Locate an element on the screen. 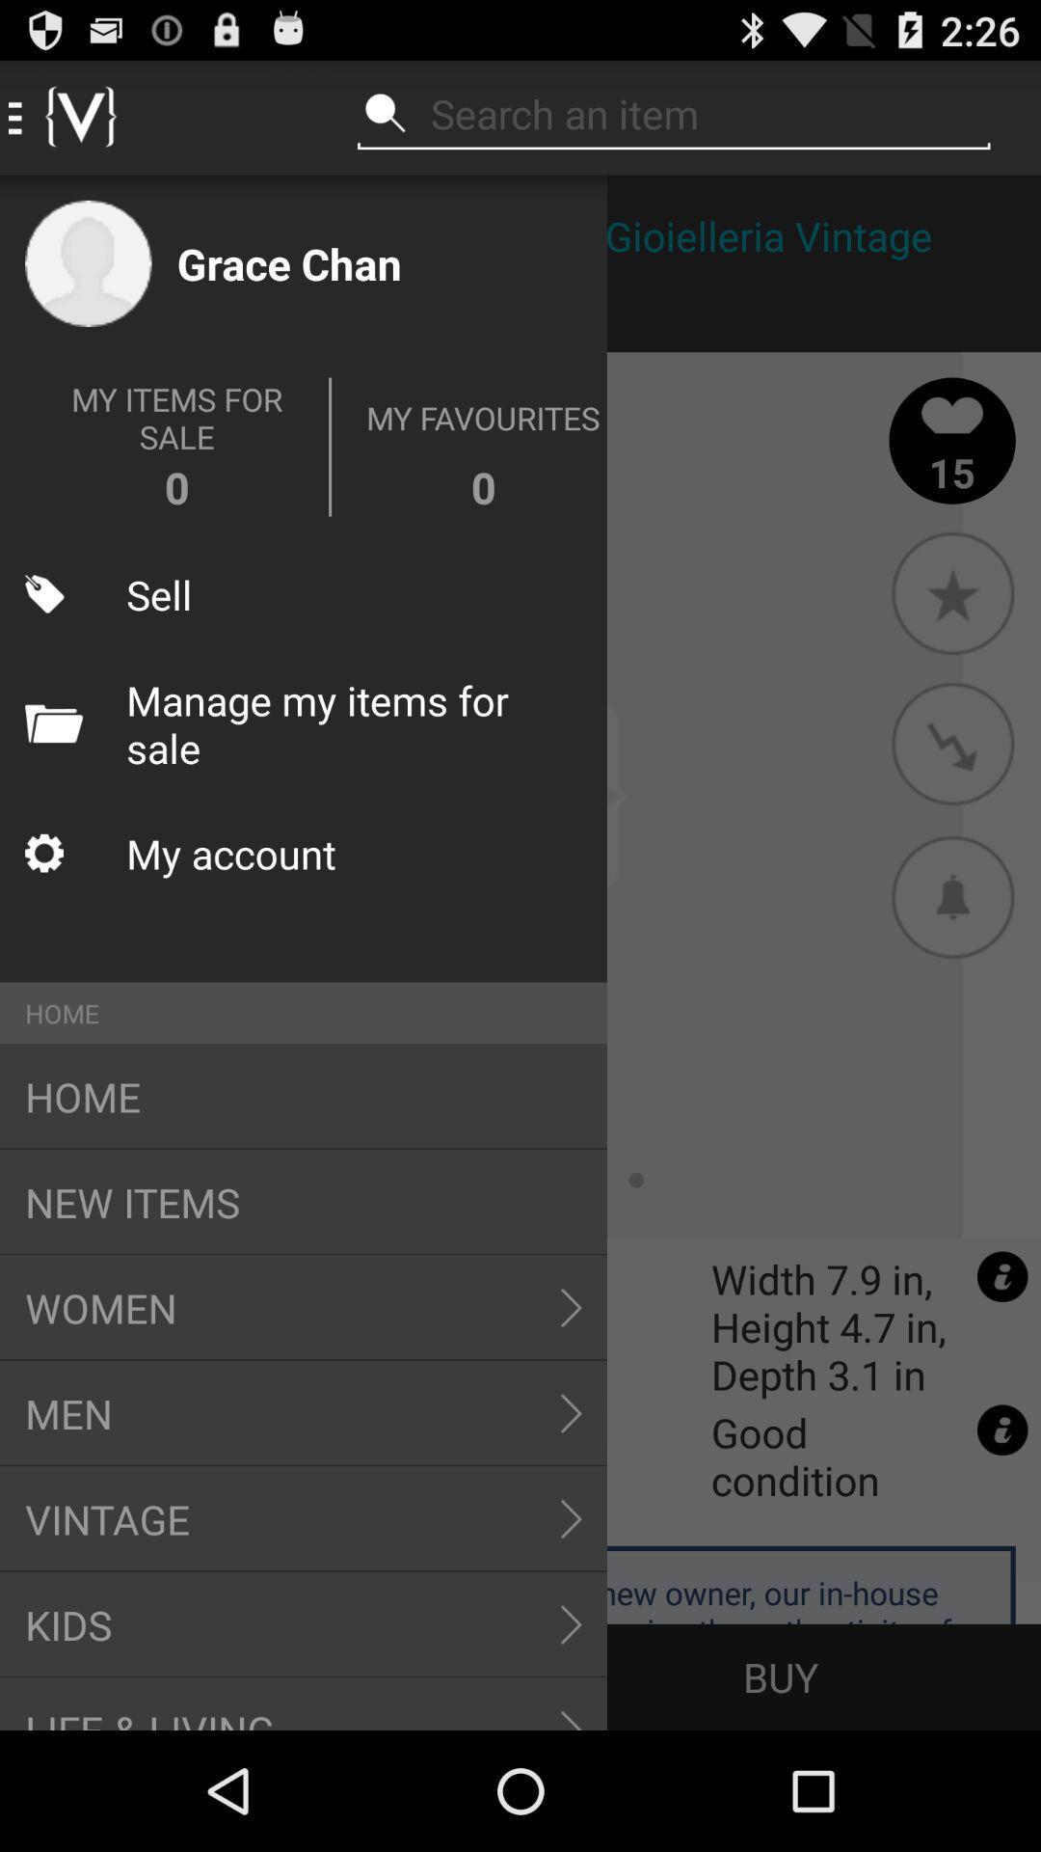  the profile icon is located at coordinates (89, 262).